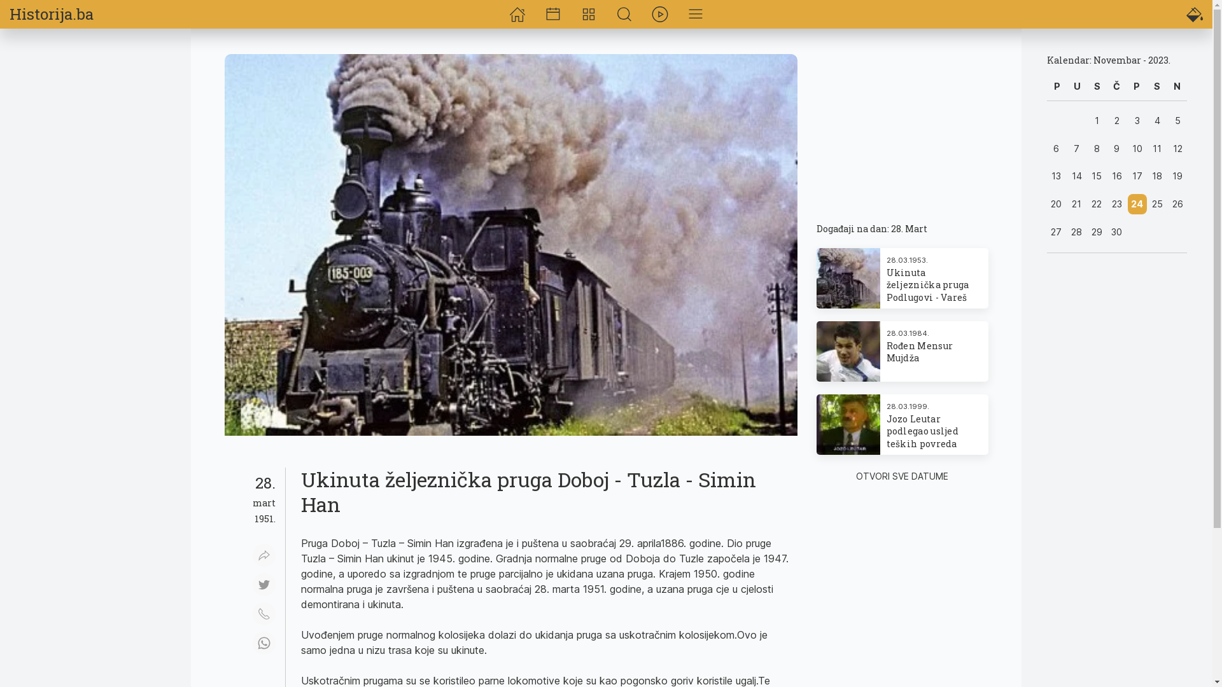 This screenshot has height=687, width=1222. What do you see at coordinates (51, 14) in the screenshot?
I see `'Historija.ba'` at bounding box center [51, 14].